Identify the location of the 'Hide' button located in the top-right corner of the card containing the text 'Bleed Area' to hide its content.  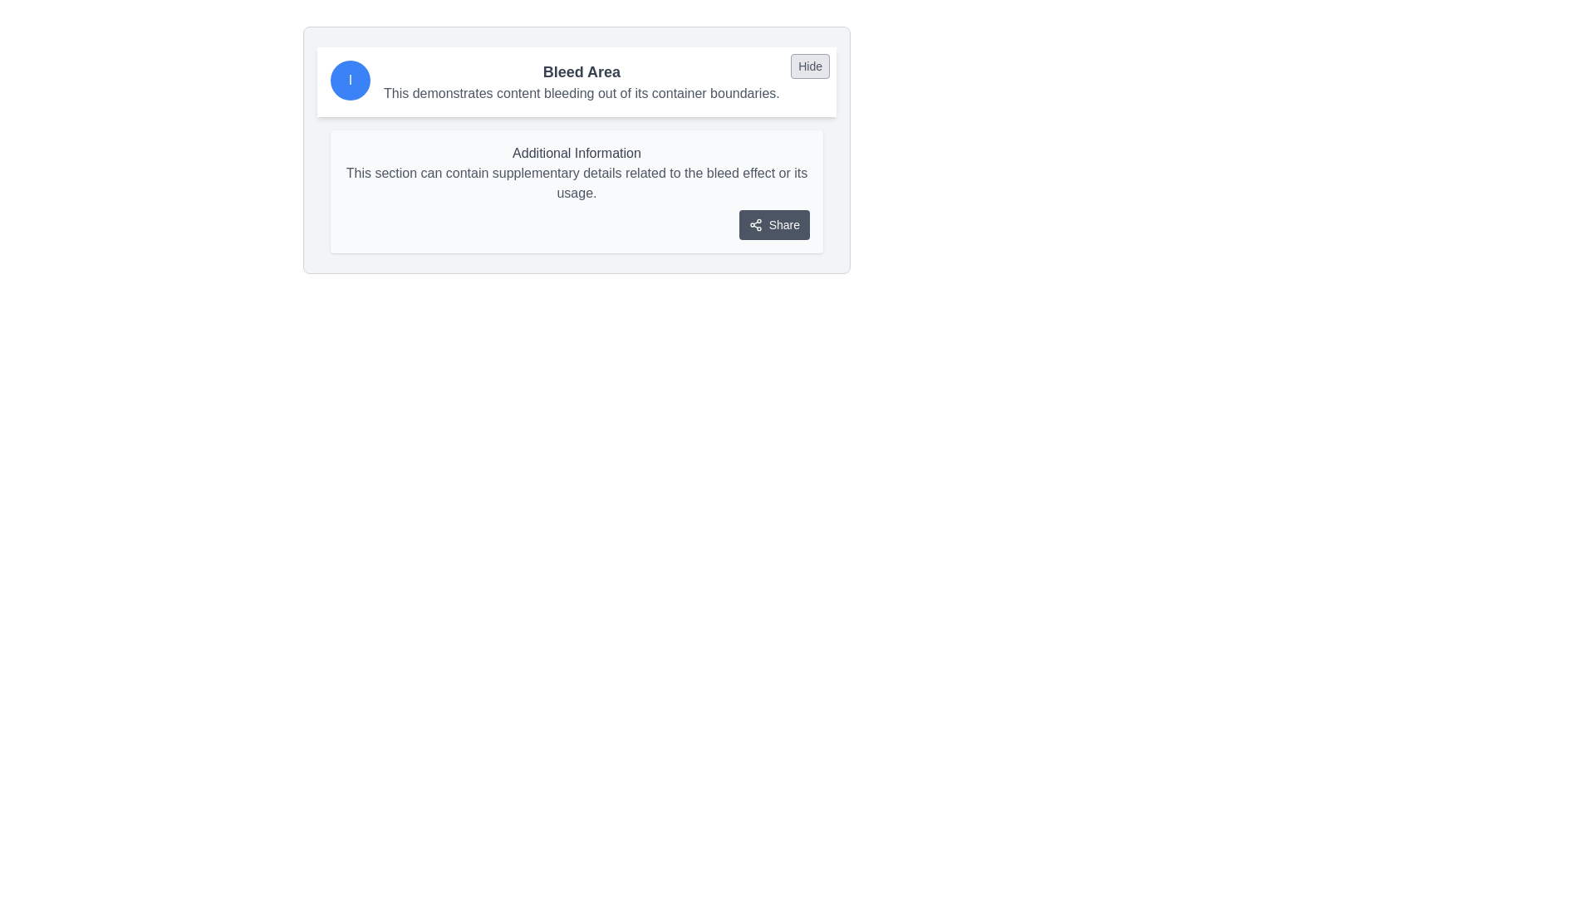
(810, 66).